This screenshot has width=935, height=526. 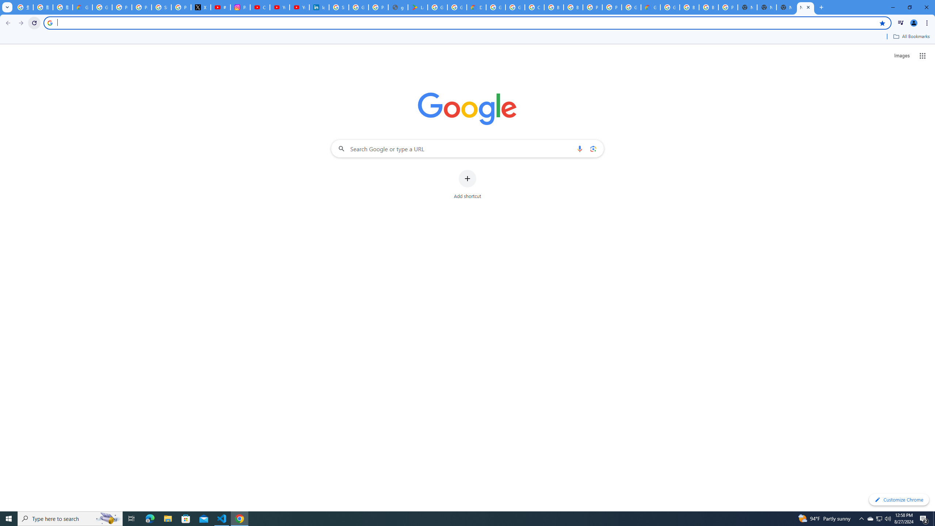 I want to click on 'Google Workspace - Specific Terms', so click(x=457, y=7).